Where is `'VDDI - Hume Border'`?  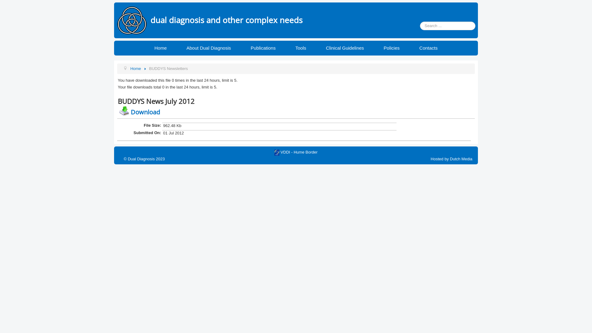 'VDDI - Hume Border' is located at coordinates (276, 152).